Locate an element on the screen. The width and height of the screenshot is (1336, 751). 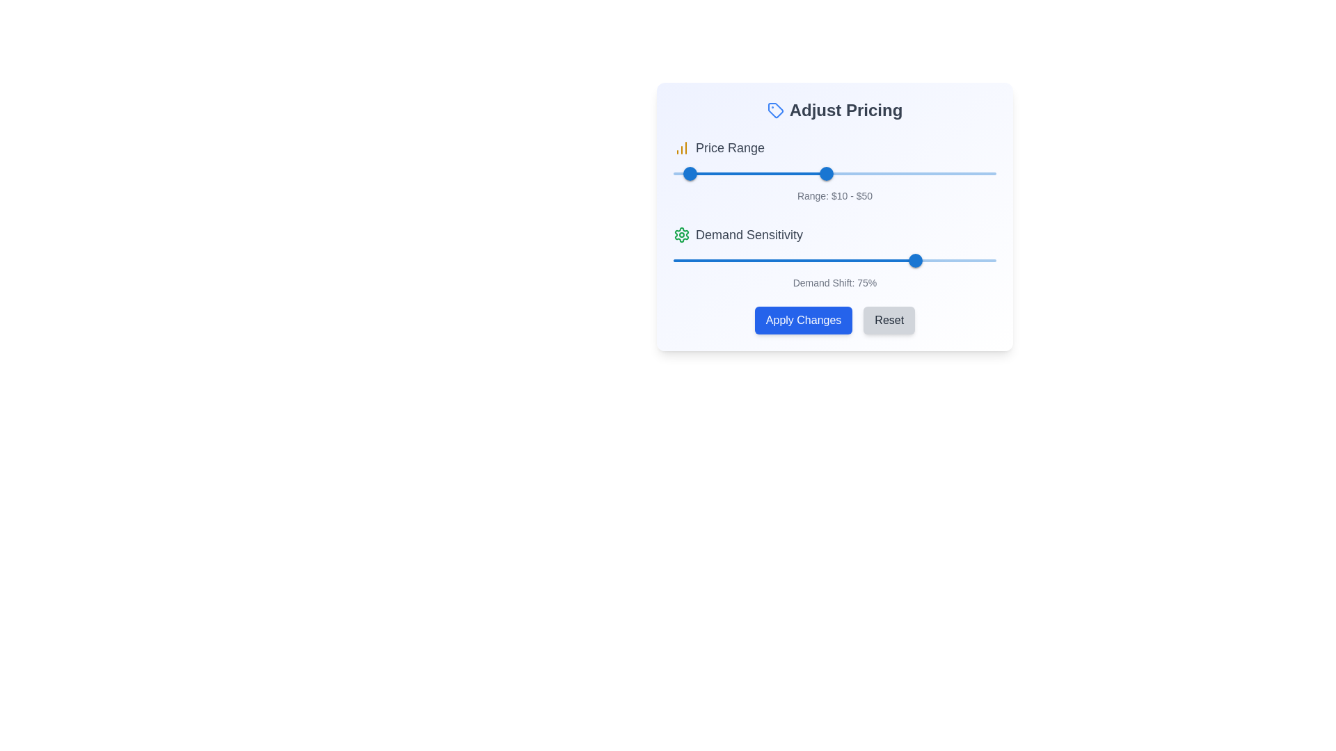
Demand Sensitivity is located at coordinates (674, 260).